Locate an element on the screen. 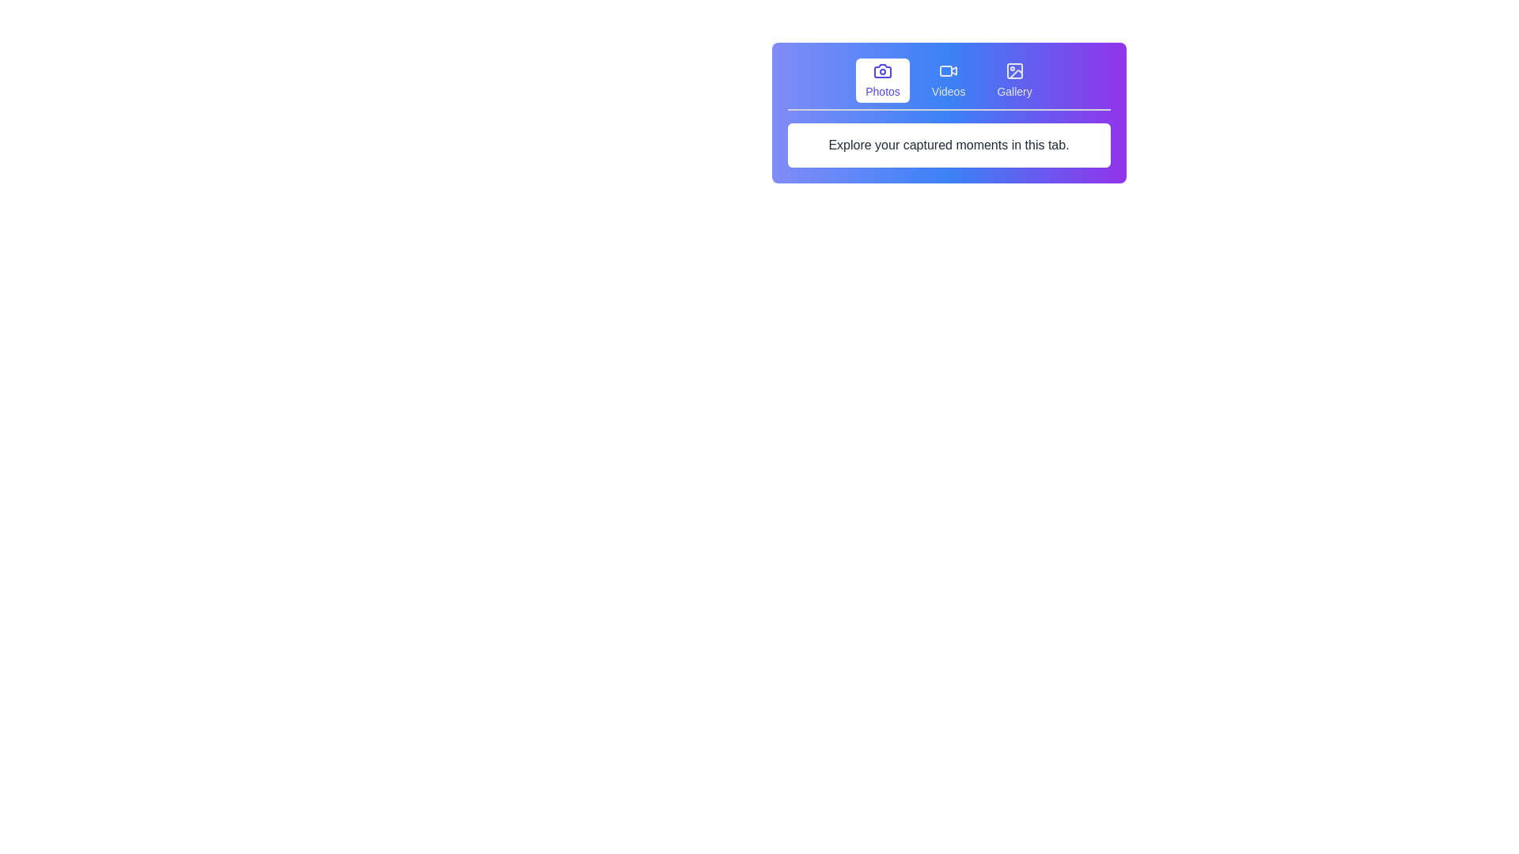  text label that indicates the 'Photos' section, positioned below a camera icon and to the left of similar labels for 'Videos' and 'Gallery' is located at coordinates (882, 91).